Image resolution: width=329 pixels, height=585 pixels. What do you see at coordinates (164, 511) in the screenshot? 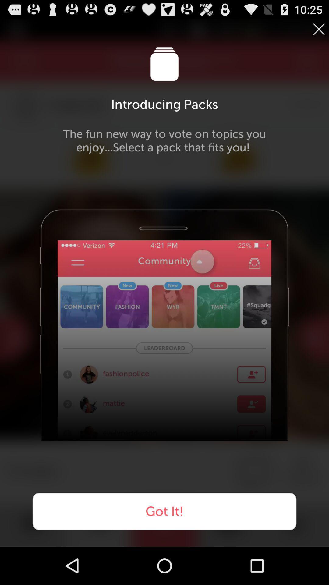
I see `the icon at the bottom` at bounding box center [164, 511].